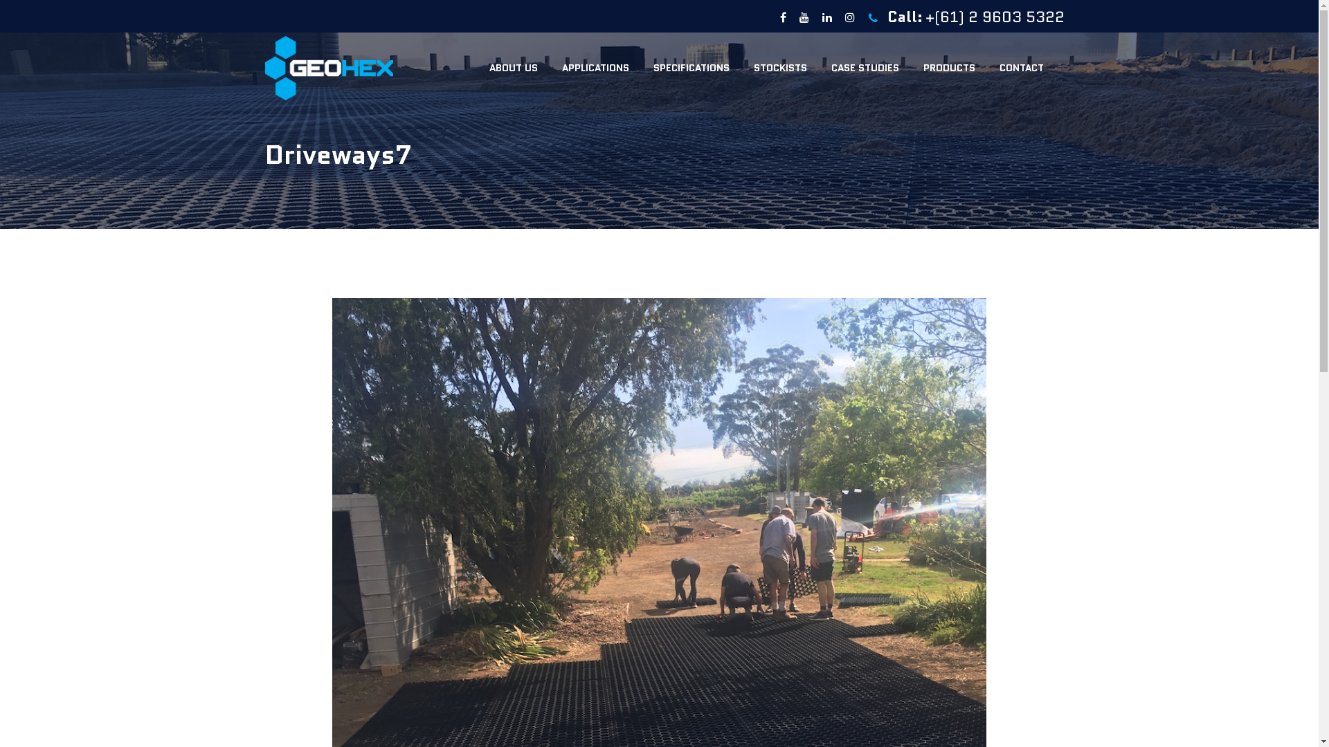 The image size is (1329, 747). I want to click on 'PRODUCTS', so click(912, 68).